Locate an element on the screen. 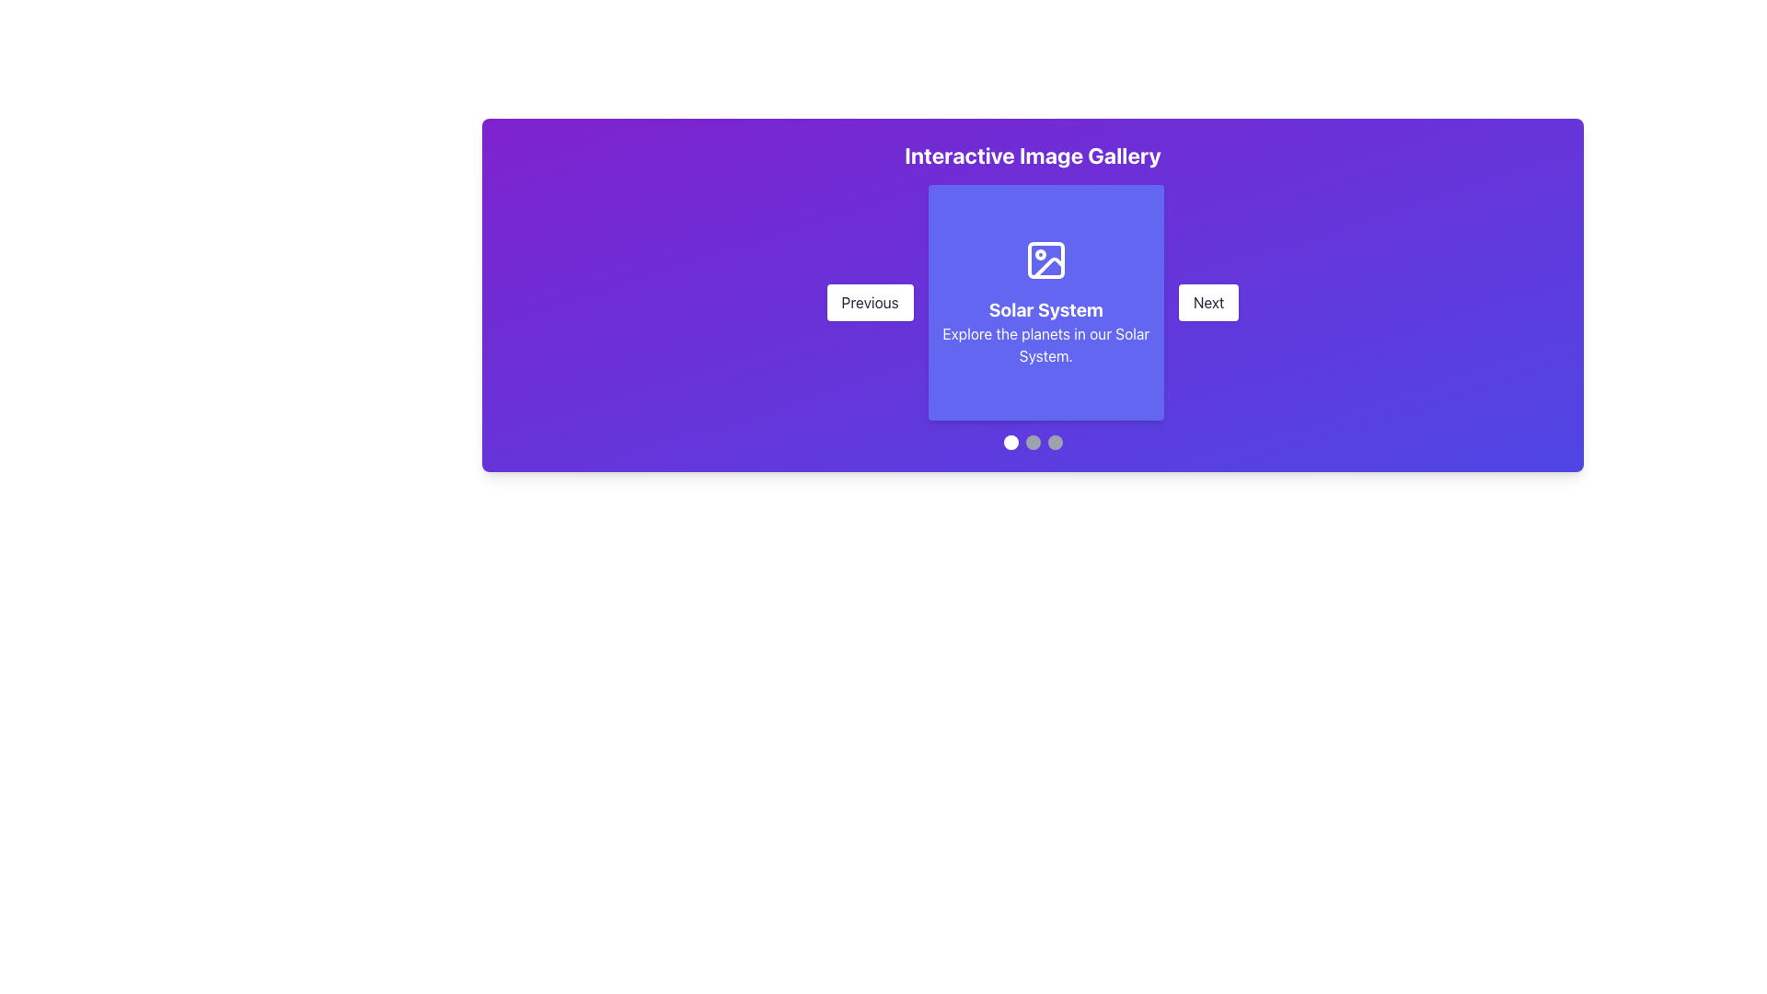 Image resolution: width=1767 pixels, height=994 pixels. the second Informational Card about the Solar System, which is positioned between the 'Previous' and 'Next' buttons in the interactive gallery is located at coordinates (1045, 301).